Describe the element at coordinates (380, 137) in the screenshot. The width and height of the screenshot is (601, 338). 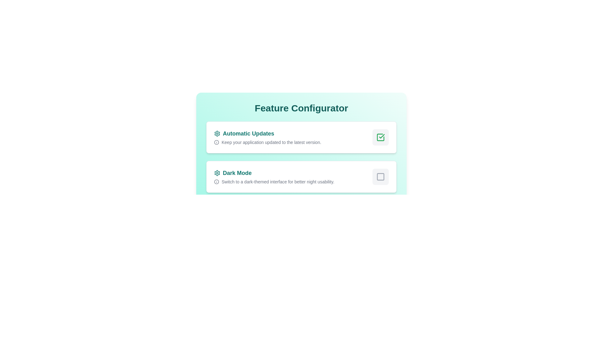
I see `the checkbox located at the right end of the 'Automatic Updates' option` at that location.